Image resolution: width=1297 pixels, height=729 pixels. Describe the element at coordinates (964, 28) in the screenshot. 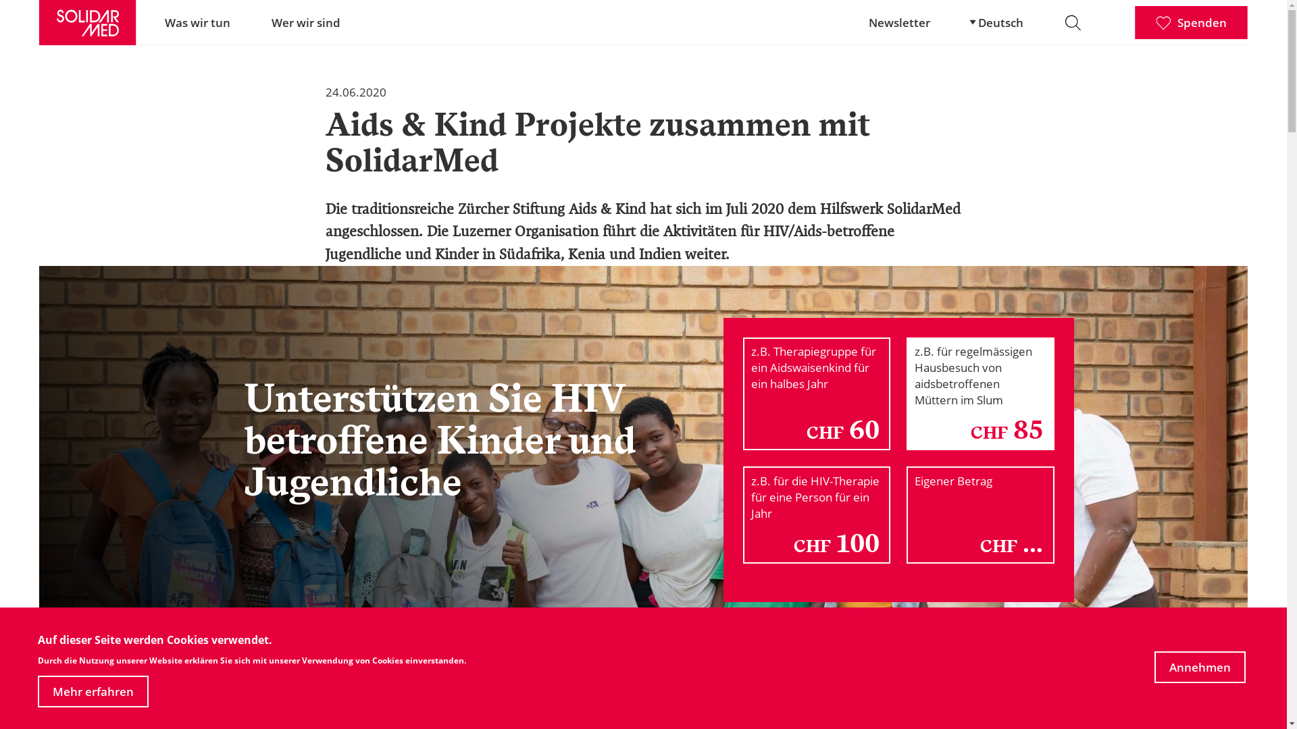

I see `'English'` at that location.